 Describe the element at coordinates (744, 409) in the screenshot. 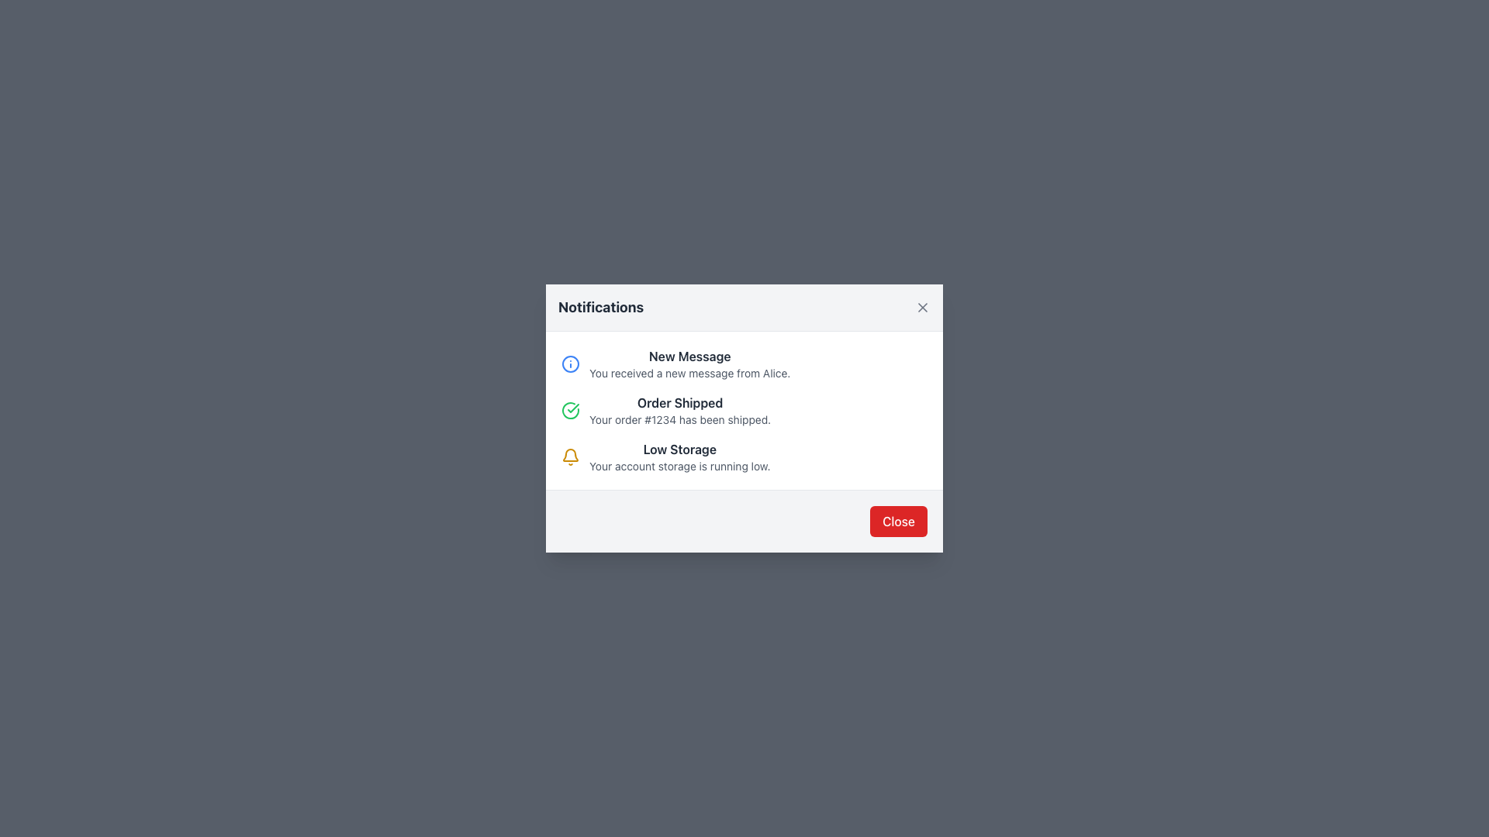

I see `the second notification item that informs the user their order #1234 has been shipped to acknowledge it` at that location.